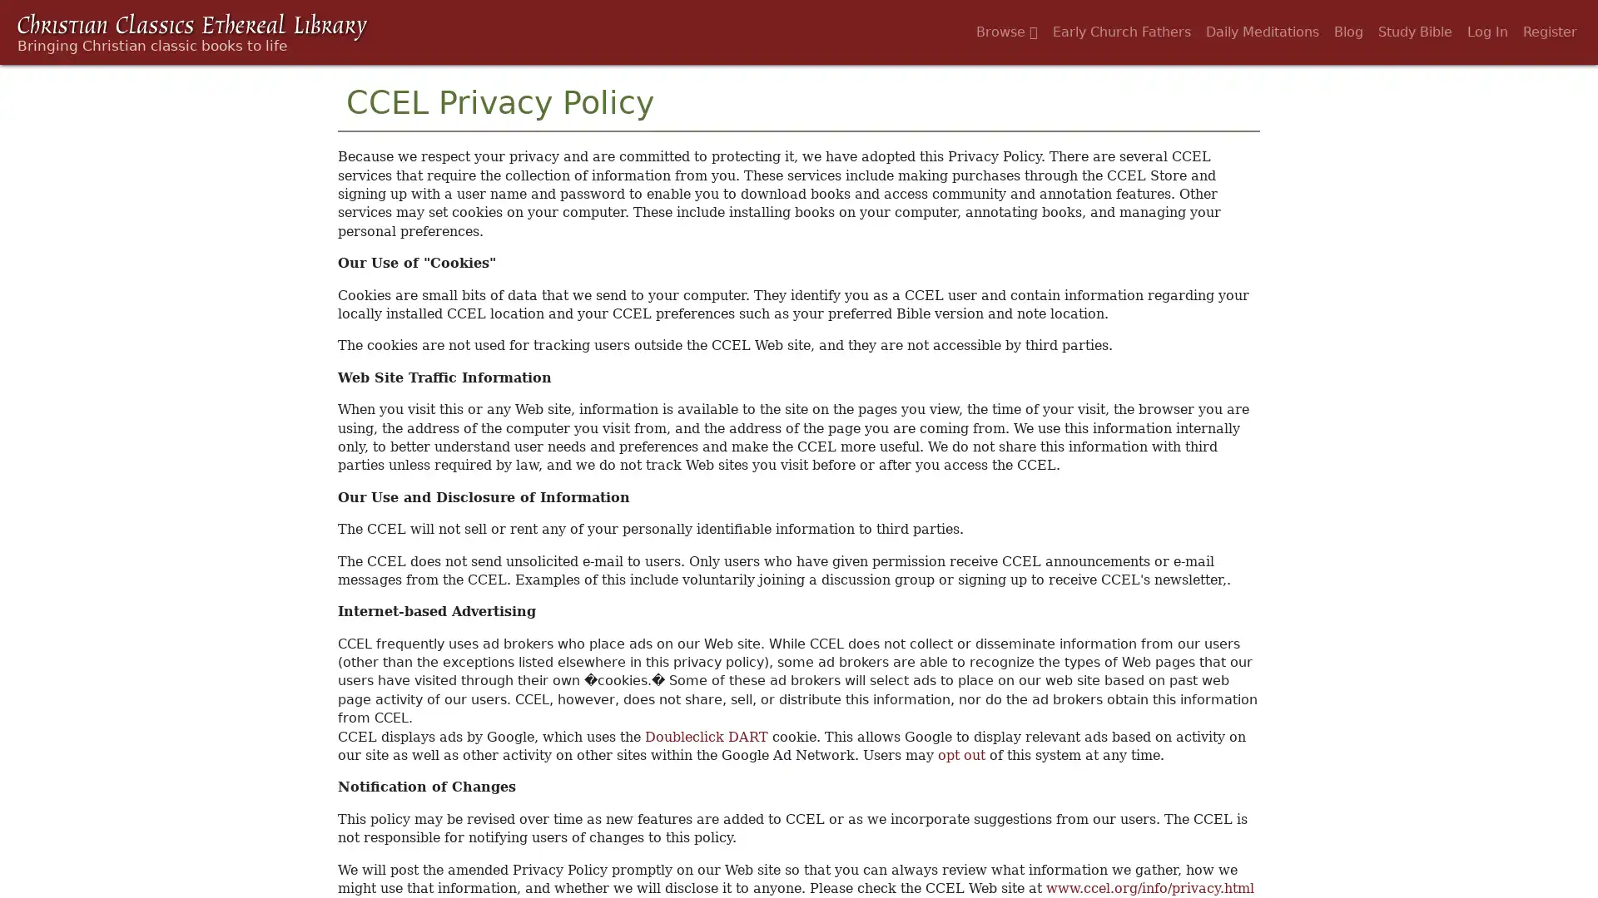 The height and width of the screenshot is (898, 1598). I want to click on Early Church Fathers, so click(1122, 32).